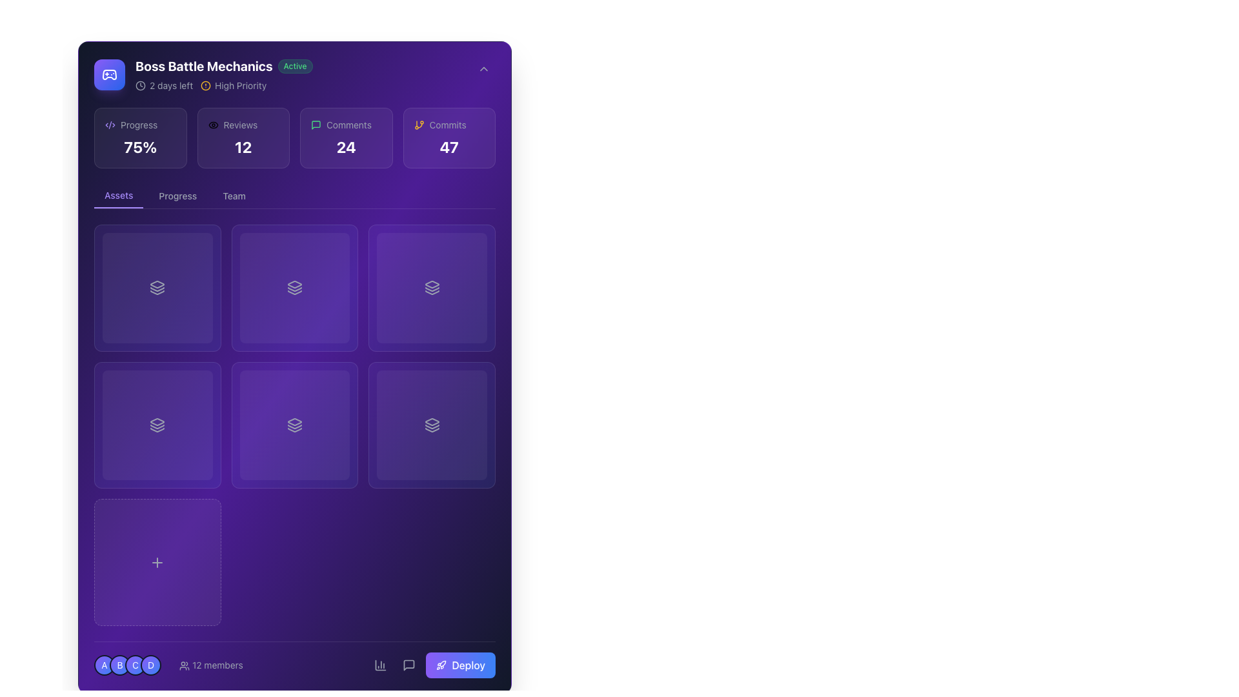  Describe the element at coordinates (240, 125) in the screenshot. I see `the 'Reviews' text label, which is displayed in a small gray font and is positioned between an eye icon and the number '12'` at that location.